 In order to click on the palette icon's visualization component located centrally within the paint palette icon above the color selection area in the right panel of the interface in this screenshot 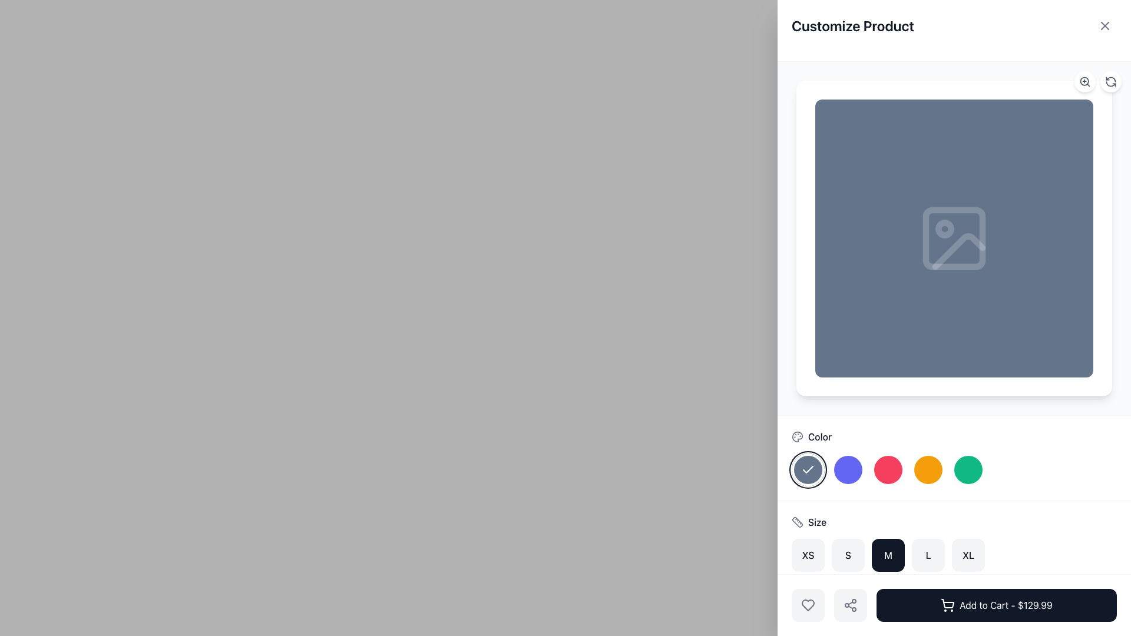, I will do `click(797, 436)`.